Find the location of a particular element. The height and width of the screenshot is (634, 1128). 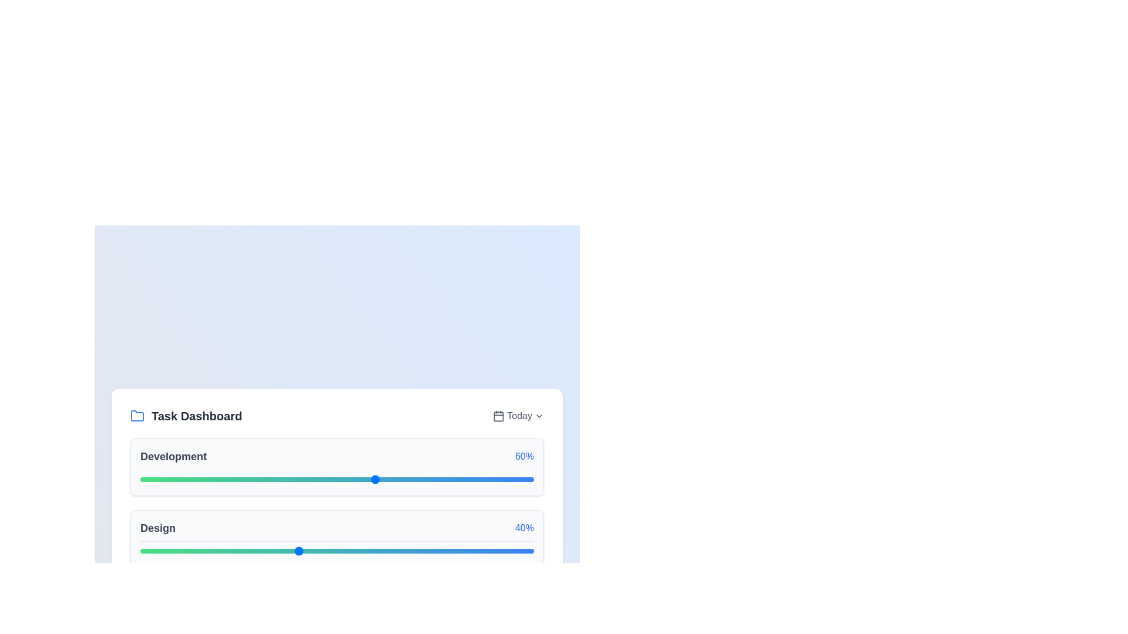

the slider is located at coordinates (400, 480).